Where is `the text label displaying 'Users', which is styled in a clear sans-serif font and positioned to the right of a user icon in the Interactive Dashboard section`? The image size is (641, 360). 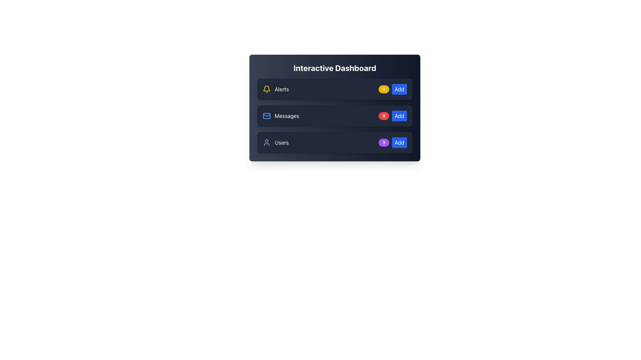
the text label displaying 'Users', which is styled in a clear sans-serif font and positioned to the right of a user icon in the Interactive Dashboard section is located at coordinates (282, 142).